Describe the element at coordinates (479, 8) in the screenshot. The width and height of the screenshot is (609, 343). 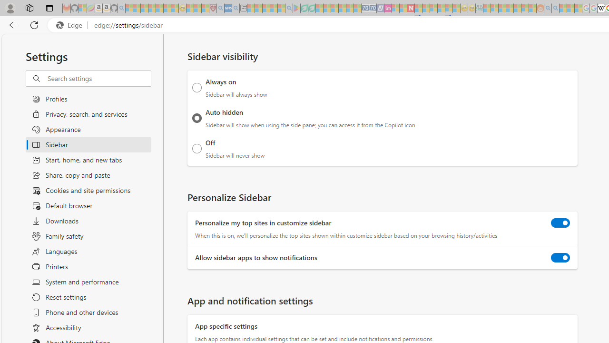
I see `'DITOGAMES AG Imprint - Sleeping'` at that location.